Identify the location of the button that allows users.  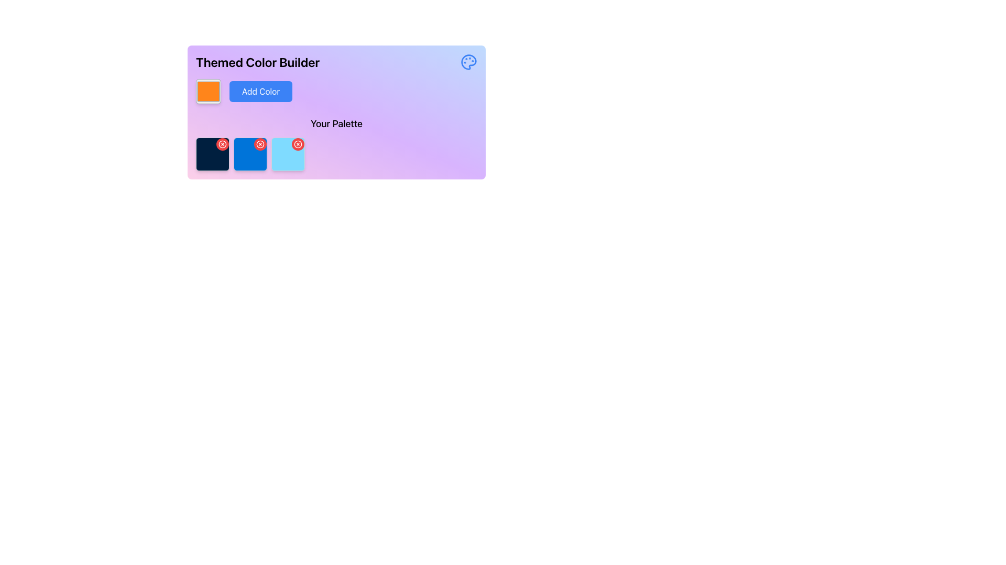
(261, 91).